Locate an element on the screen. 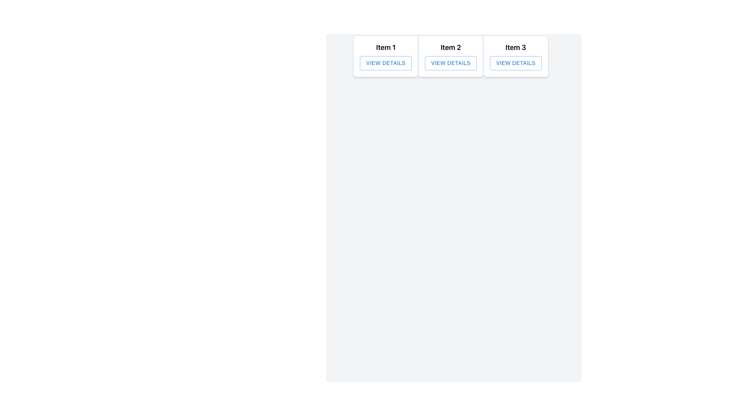 The width and height of the screenshot is (743, 418). the 'View Details' button, which is a rectangular button with a white background and blue border is located at coordinates (451, 63).